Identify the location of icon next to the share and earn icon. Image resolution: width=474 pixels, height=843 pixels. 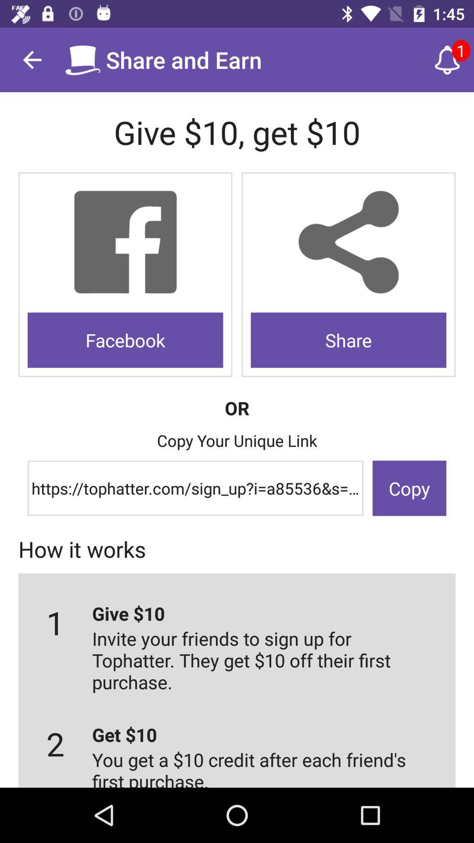
(447, 59).